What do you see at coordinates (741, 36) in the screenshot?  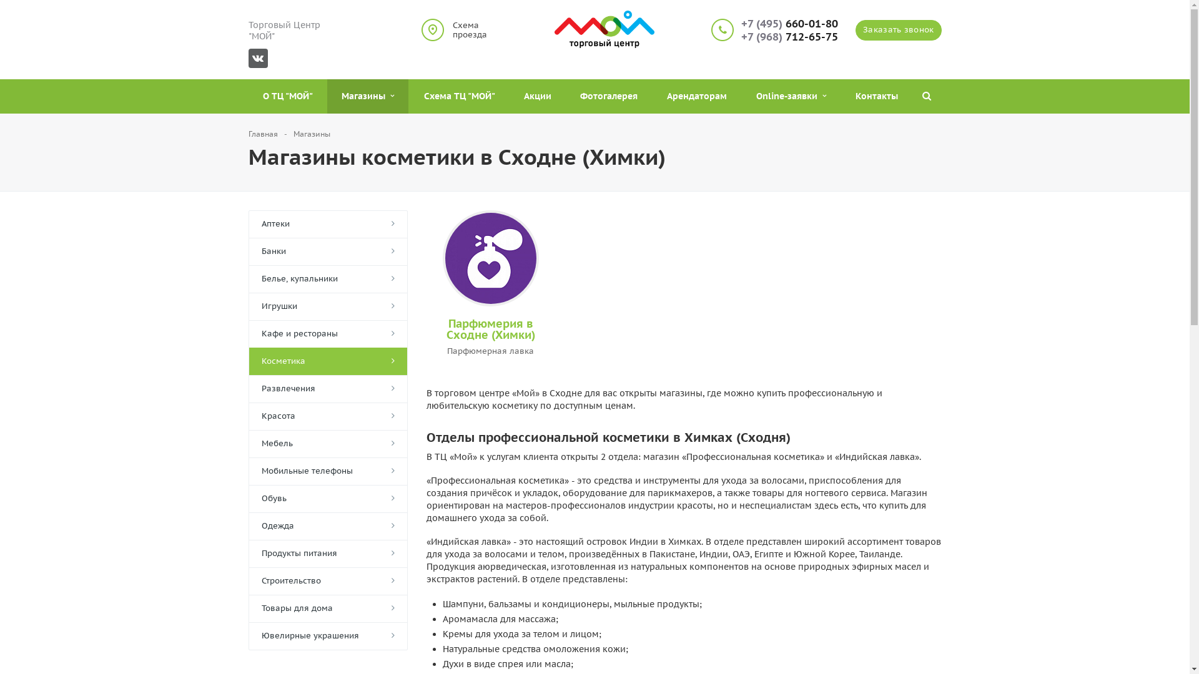 I see `'+7 (968) 712-65-75'` at bounding box center [741, 36].